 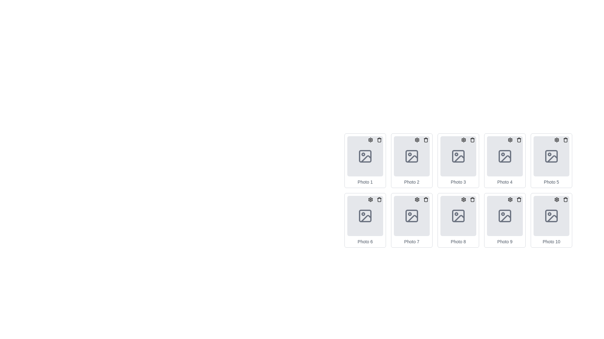 I want to click on the sixth SVG rectangle icon in the grid, which features rounded corners and a distinct border and background styling, so click(x=365, y=215).